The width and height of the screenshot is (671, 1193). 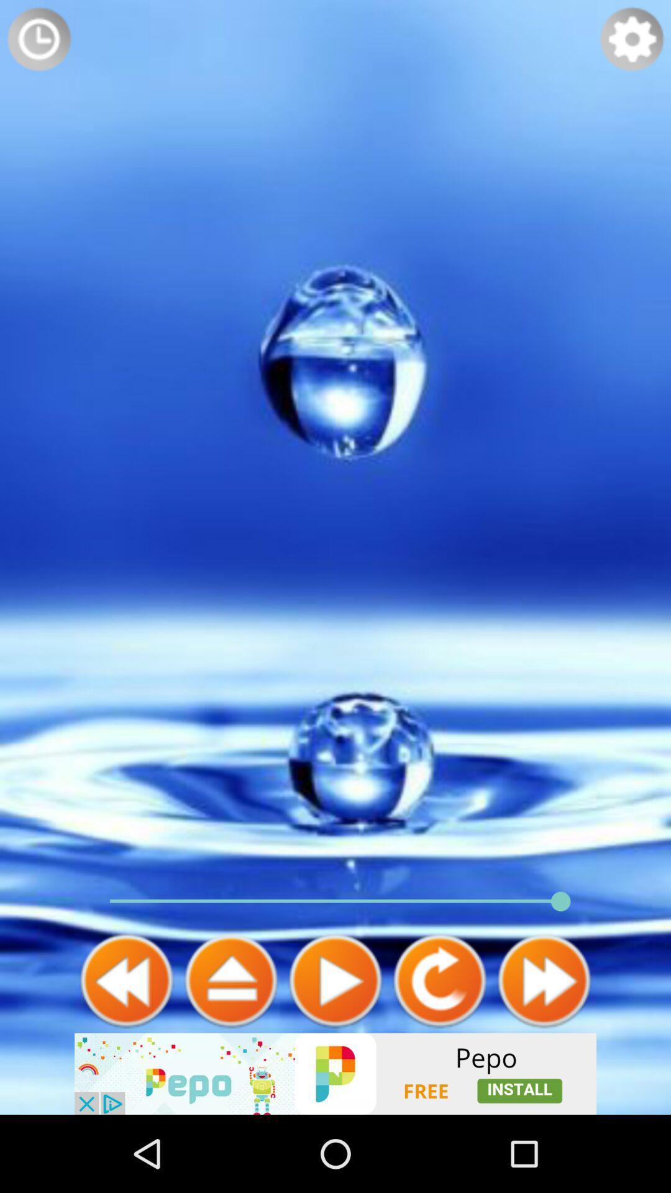 What do you see at coordinates (632, 39) in the screenshot?
I see `settings button` at bounding box center [632, 39].